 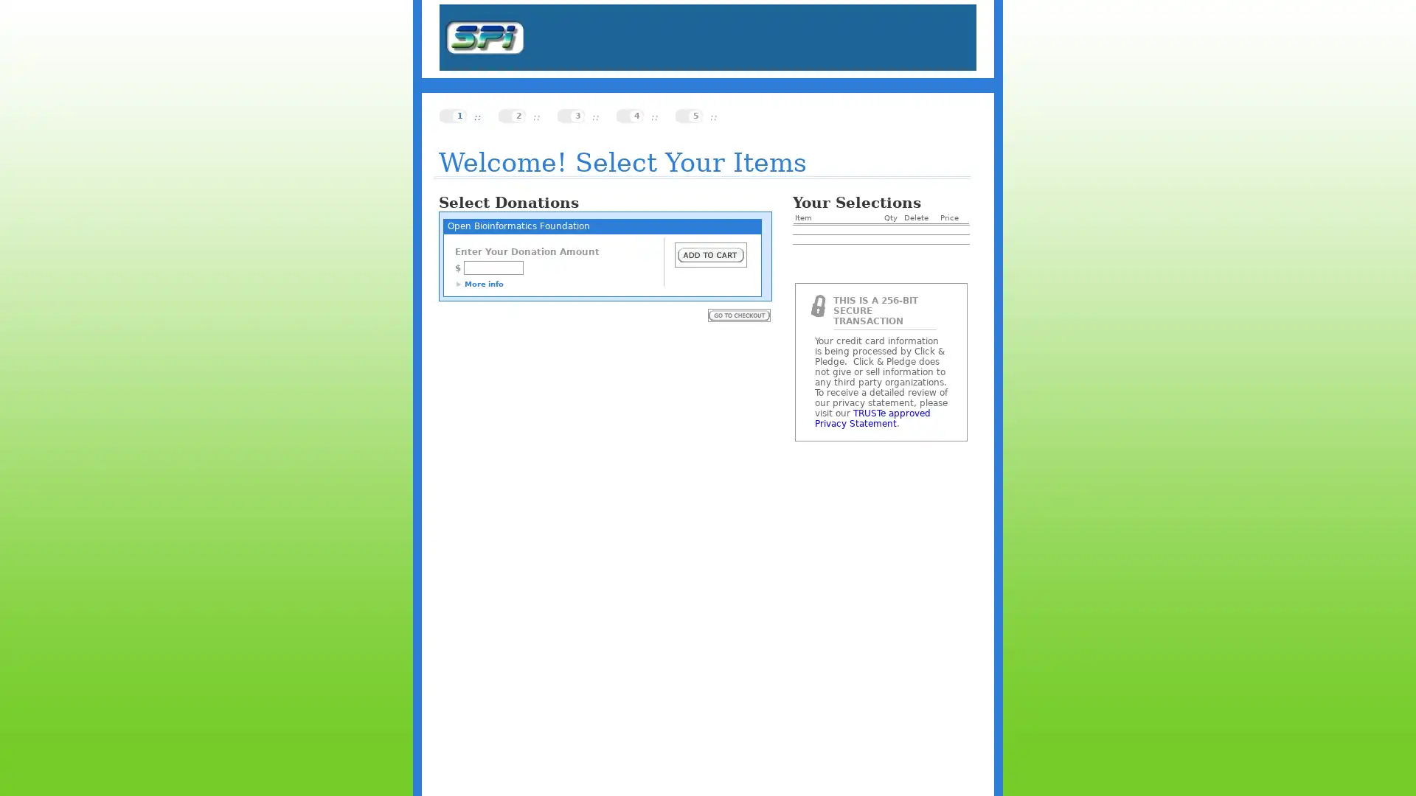 What do you see at coordinates (711, 254) in the screenshot?
I see `Submit` at bounding box center [711, 254].